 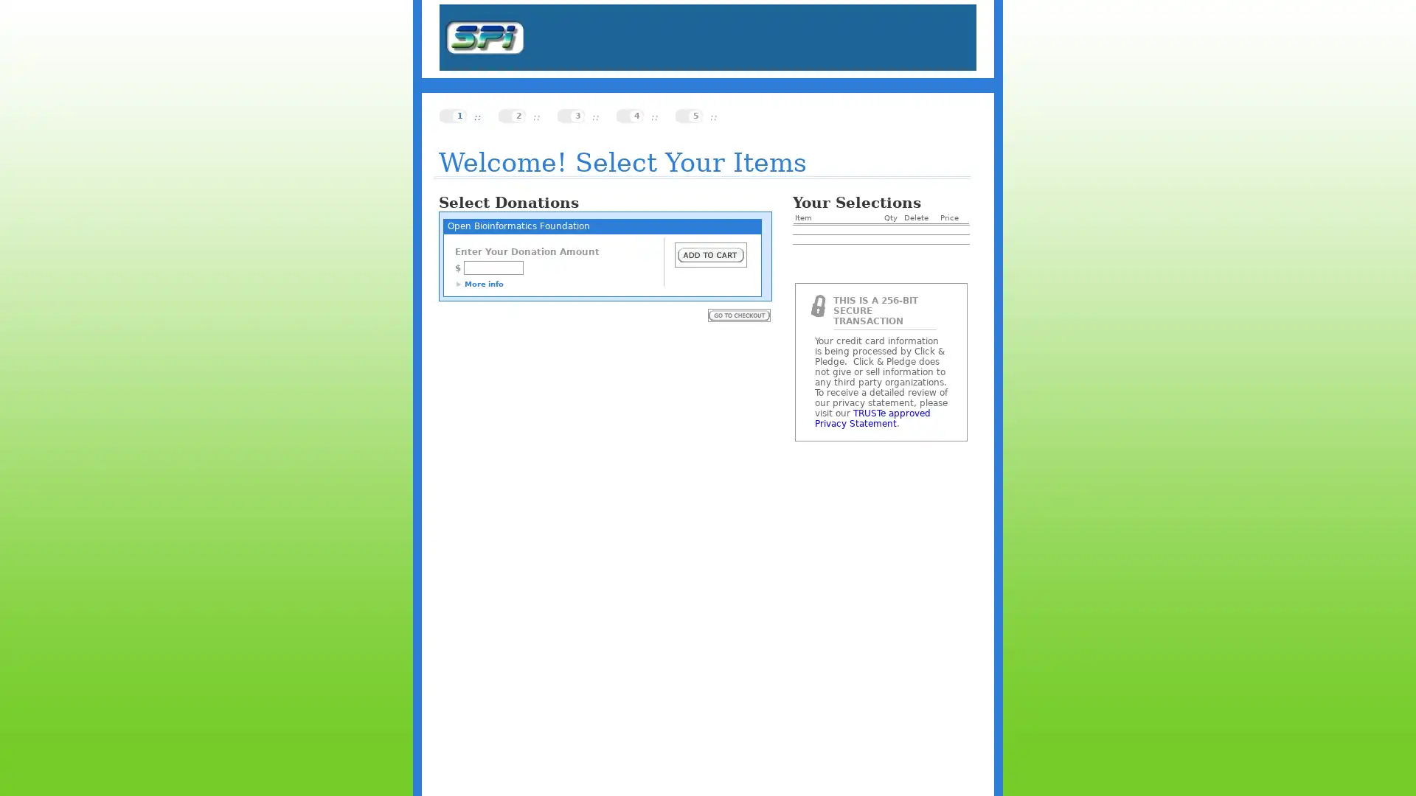 What do you see at coordinates (711, 254) in the screenshot?
I see `Submit` at bounding box center [711, 254].